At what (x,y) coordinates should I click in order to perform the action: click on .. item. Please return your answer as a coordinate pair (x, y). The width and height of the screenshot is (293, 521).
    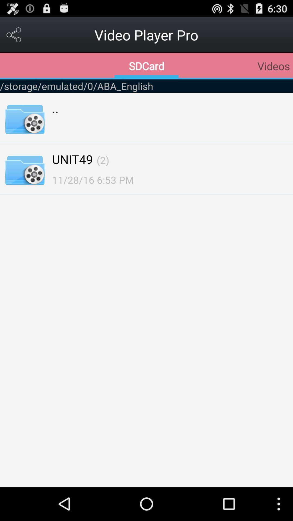
    Looking at the image, I should click on (55, 108).